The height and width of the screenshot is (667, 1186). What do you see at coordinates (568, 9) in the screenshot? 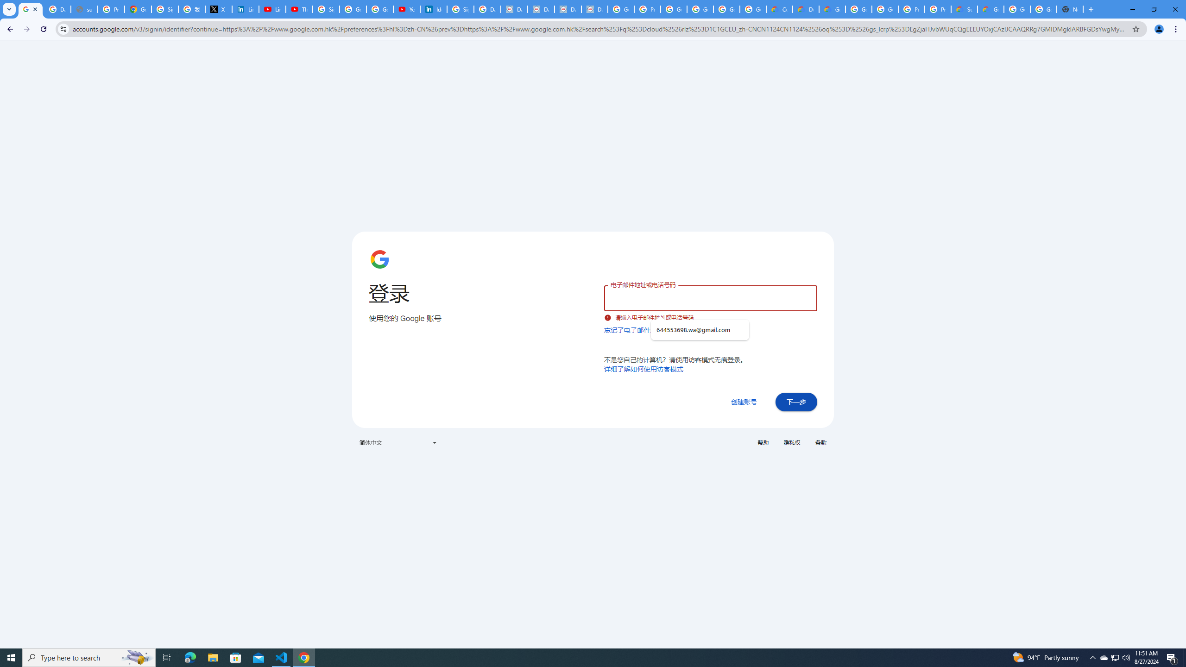
I see `'Data Privacy Framework'` at bounding box center [568, 9].